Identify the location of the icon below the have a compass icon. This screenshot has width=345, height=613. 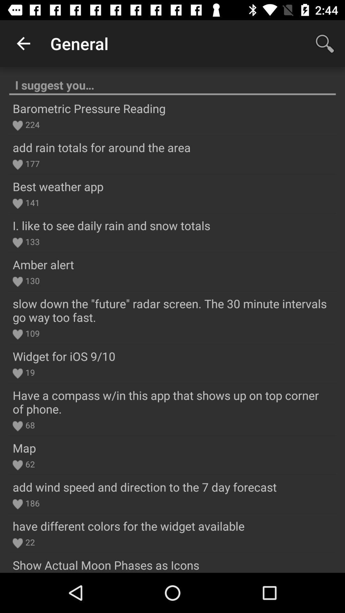
(29, 425).